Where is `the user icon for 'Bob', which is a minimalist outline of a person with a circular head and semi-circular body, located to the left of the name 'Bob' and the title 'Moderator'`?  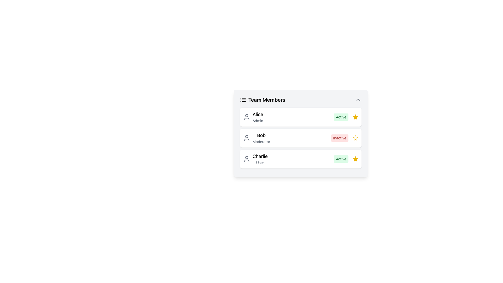 the user icon for 'Bob', which is a minimalist outline of a person with a circular head and semi-circular body, located to the left of the name 'Bob' and the title 'Moderator' is located at coordinates (246, 138).